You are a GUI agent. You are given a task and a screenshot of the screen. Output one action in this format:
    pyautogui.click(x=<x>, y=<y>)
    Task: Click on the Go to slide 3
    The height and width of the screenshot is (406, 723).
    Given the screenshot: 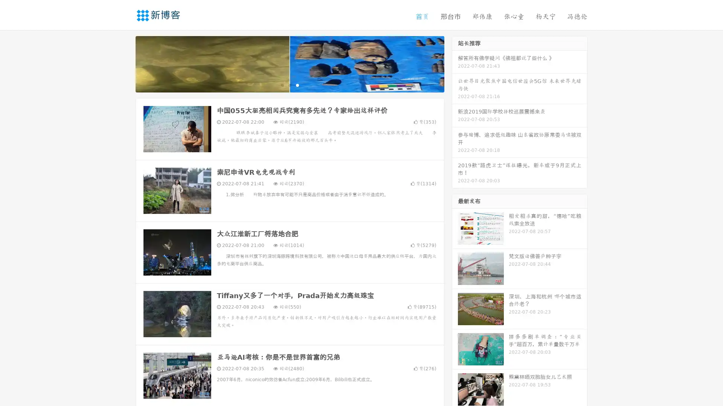 What is the action you would take?
    pyautogui.click(x=297, y=85)
    